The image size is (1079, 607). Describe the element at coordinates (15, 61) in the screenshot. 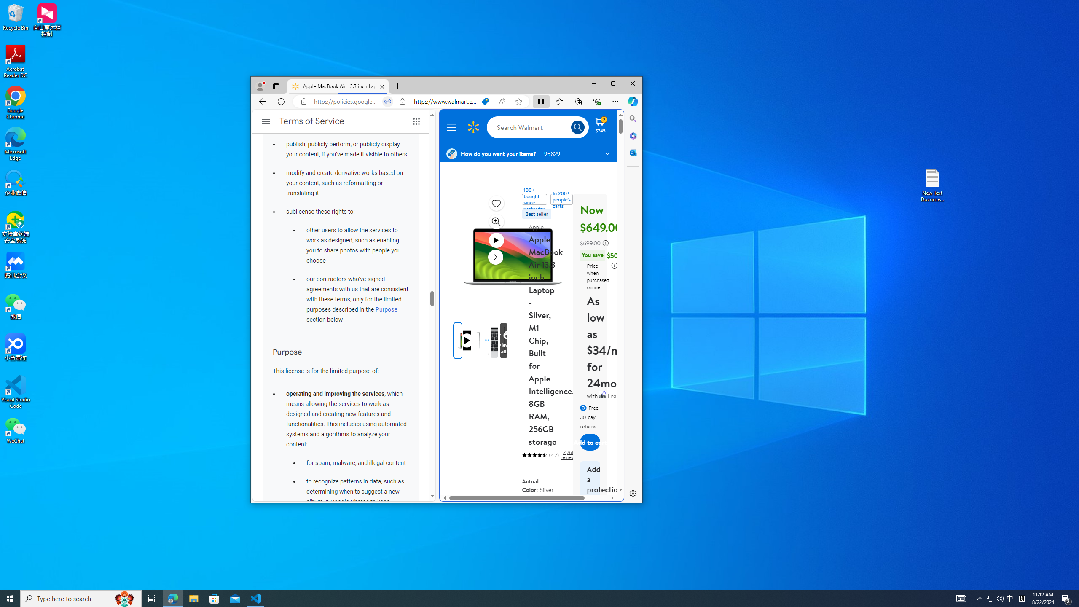

I see `'Acrobat Reader DC'` at that location.